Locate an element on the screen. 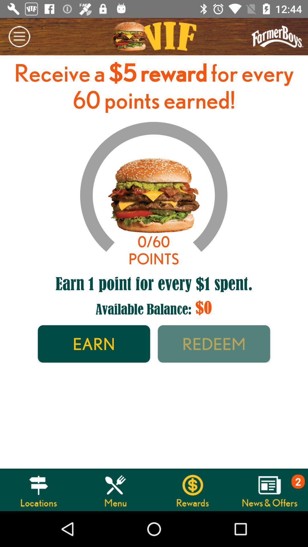  icon to the right of the earn item is located at coordinates (214, 344).